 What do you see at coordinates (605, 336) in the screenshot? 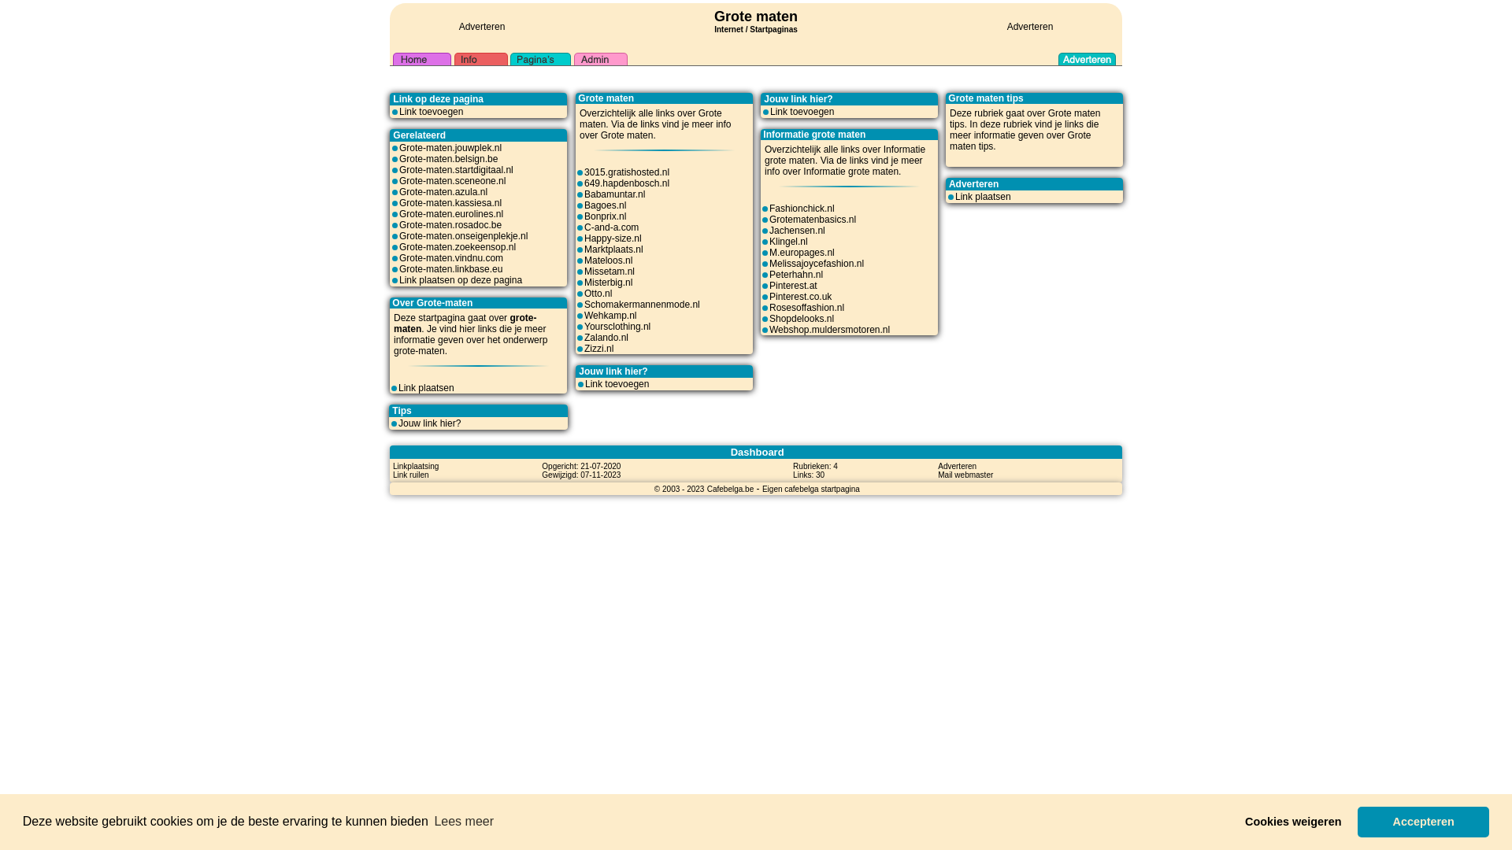
I see `'Zalando.nl'` at bounding box center [605, 336].